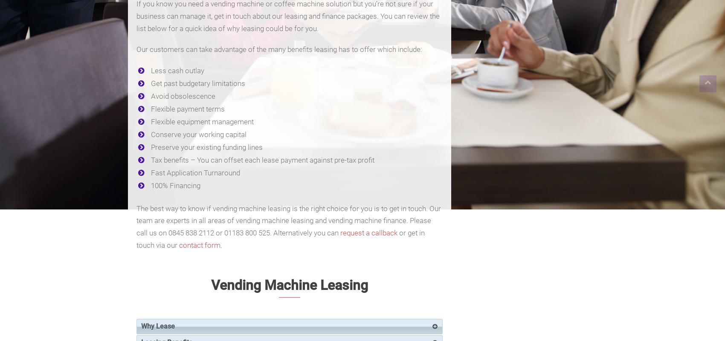 The image size is (725, 341). What do you see at coordinates (368, 232) in the screenshot?
I see `'request a callback'` at bounding box center [368, 232].